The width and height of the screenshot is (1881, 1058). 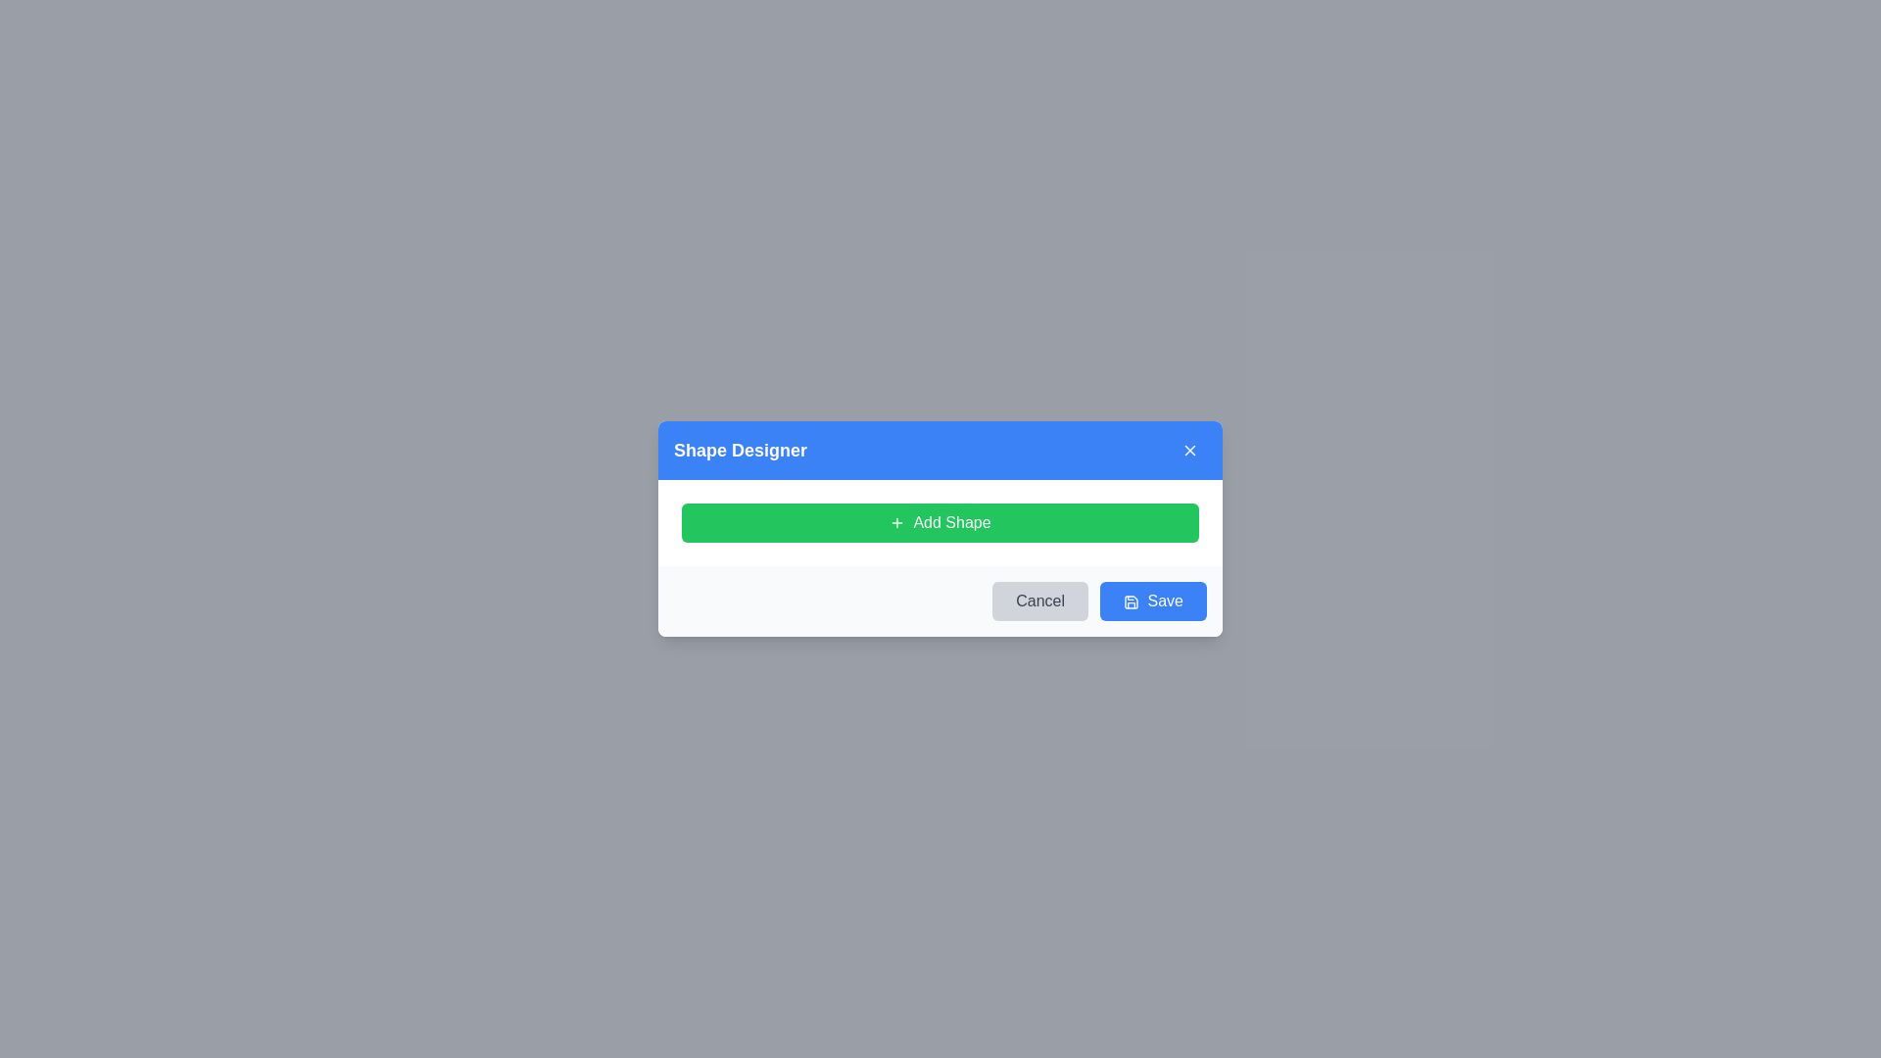 I want to click on the save icon located to the left of the Save button at the bottom-right of the dialog box, so click(x=1132, y=601).